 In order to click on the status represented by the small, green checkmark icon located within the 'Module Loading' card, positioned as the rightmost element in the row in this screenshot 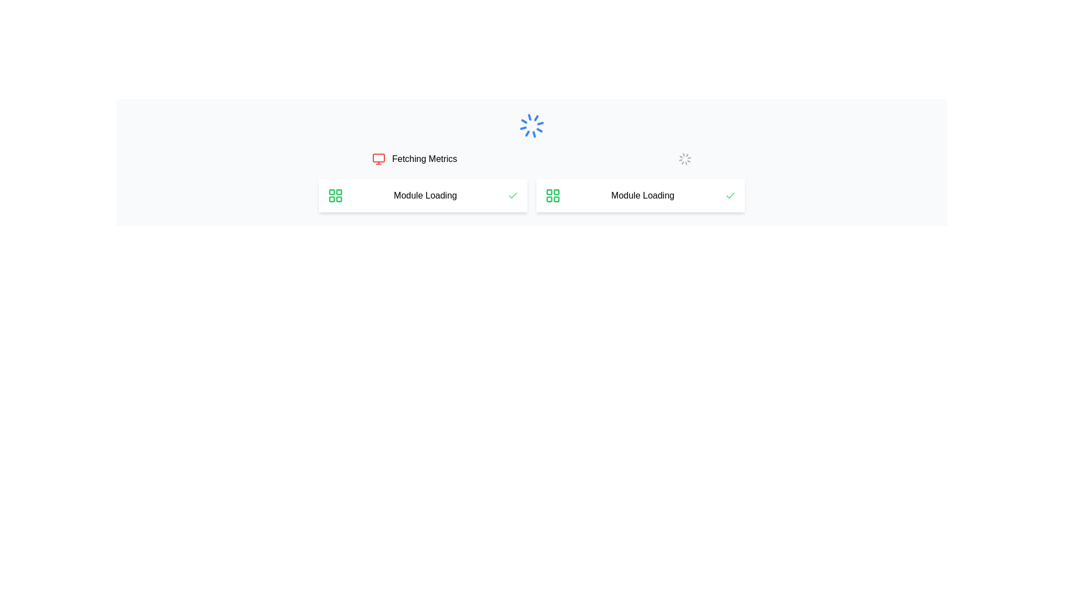, I will do `click(513, 195)`.